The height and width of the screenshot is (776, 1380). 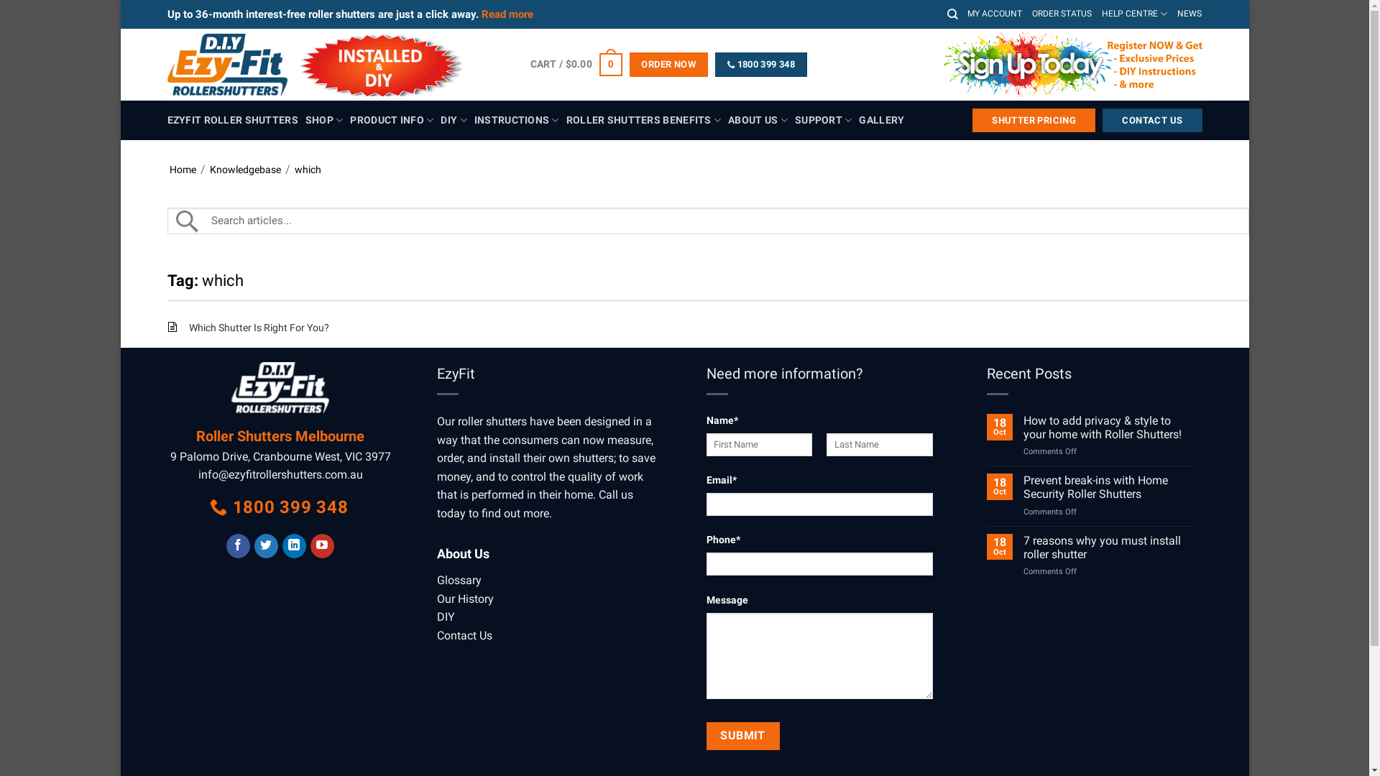 I want to click on 'ORDER STATUS', so click(x=1062, y=14).